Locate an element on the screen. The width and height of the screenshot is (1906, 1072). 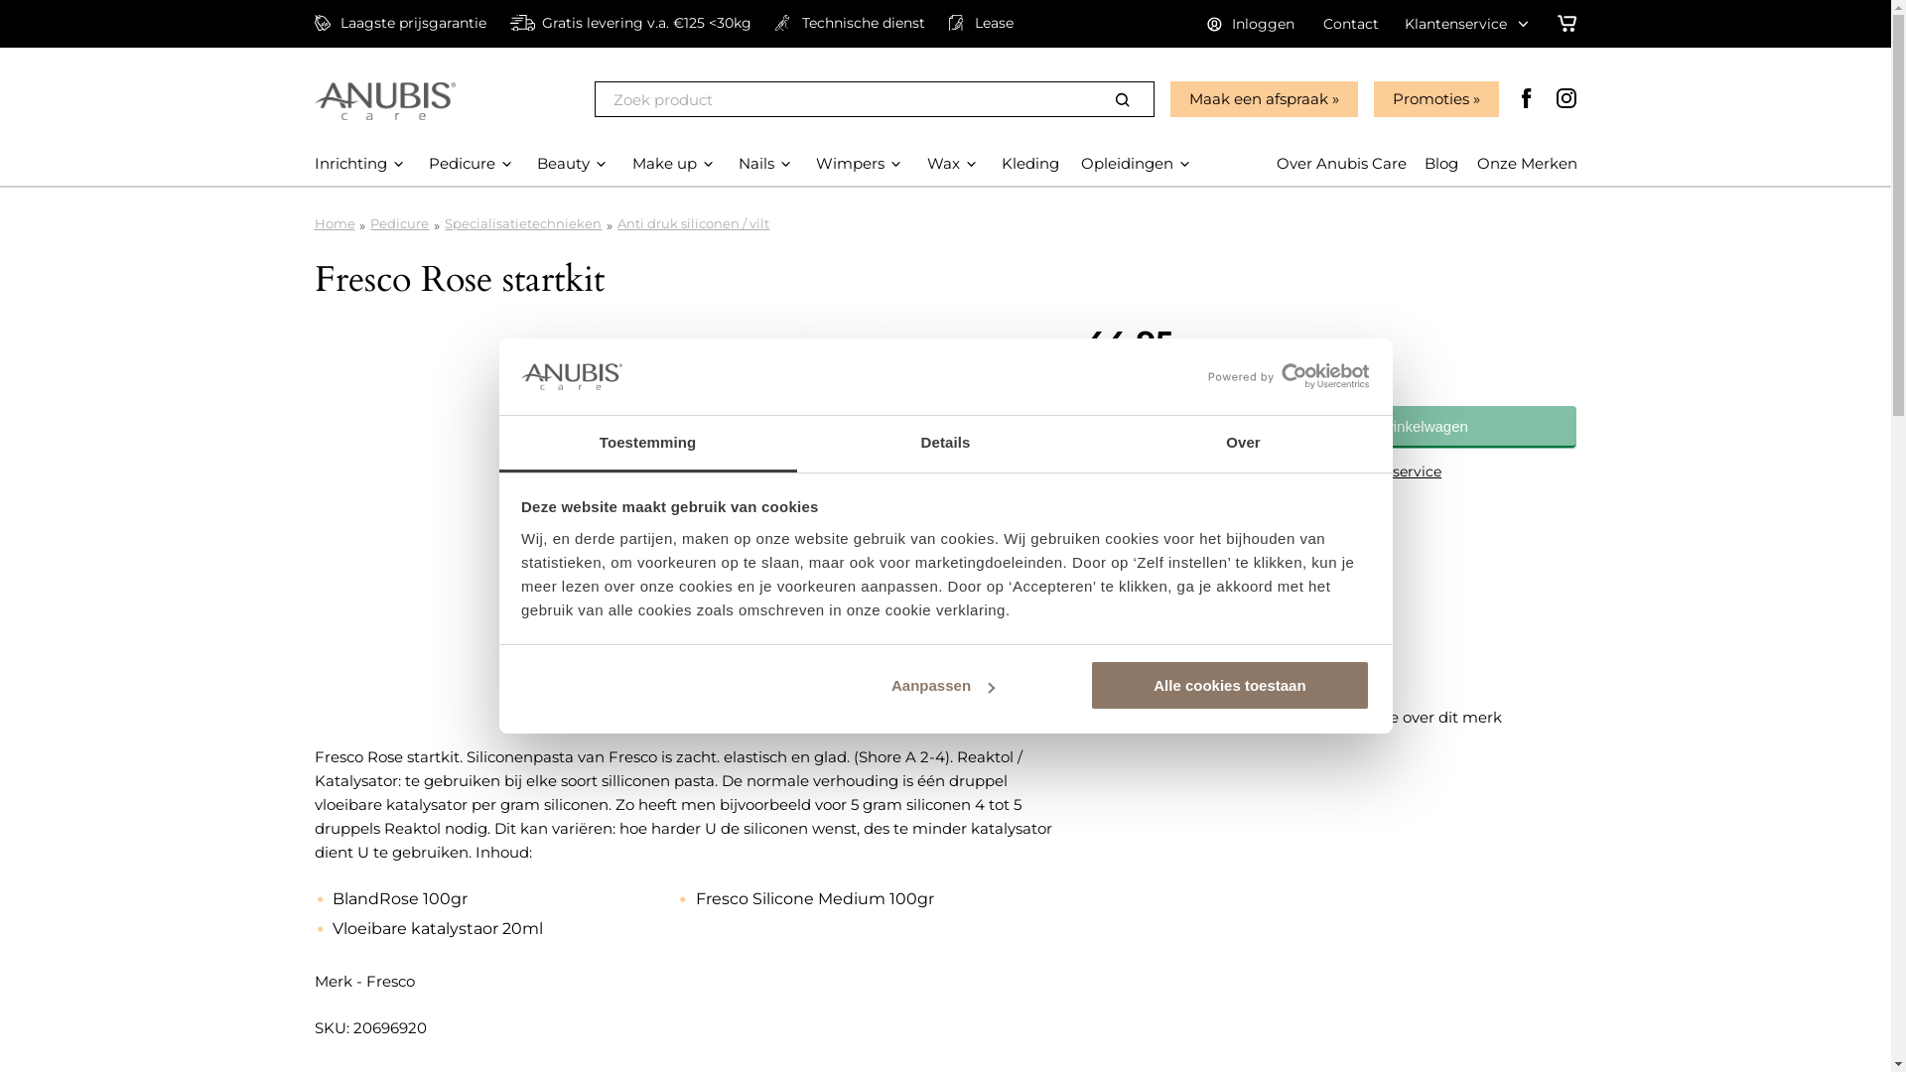
'Nails' is located at coordinates (738, 162).